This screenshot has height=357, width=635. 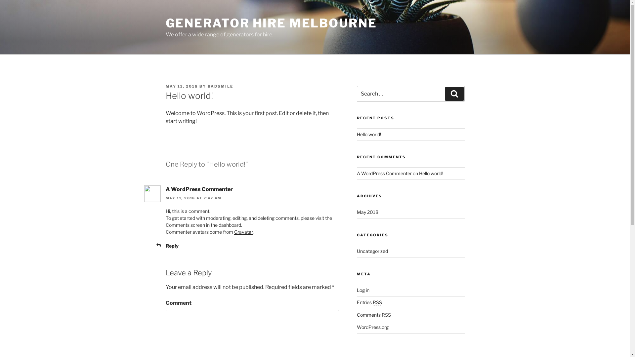 I want to click on 'Gravatar', so click(x=243, y=231).